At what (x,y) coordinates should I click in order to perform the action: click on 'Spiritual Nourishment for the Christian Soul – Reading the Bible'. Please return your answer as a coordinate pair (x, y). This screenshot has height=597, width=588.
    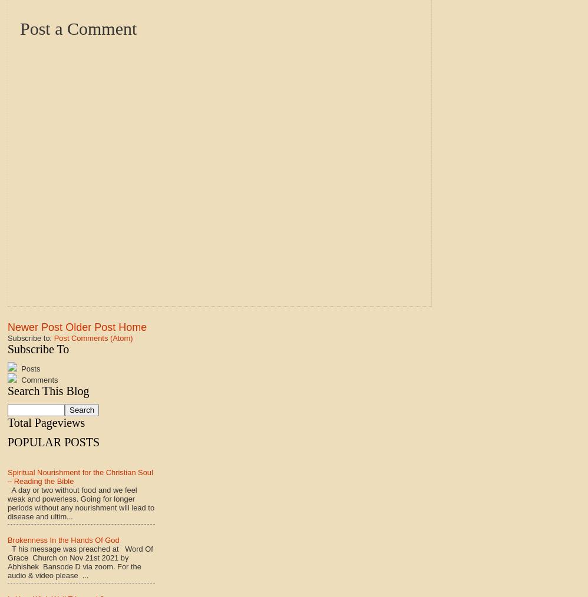
    Looking at the image, I should click on (80, 476).